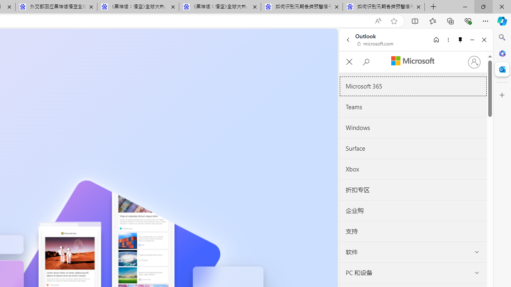 Image resolution: width=511 pixels, height=287 pixels. I want to click on 'microsoft.com', so click(375, 44).